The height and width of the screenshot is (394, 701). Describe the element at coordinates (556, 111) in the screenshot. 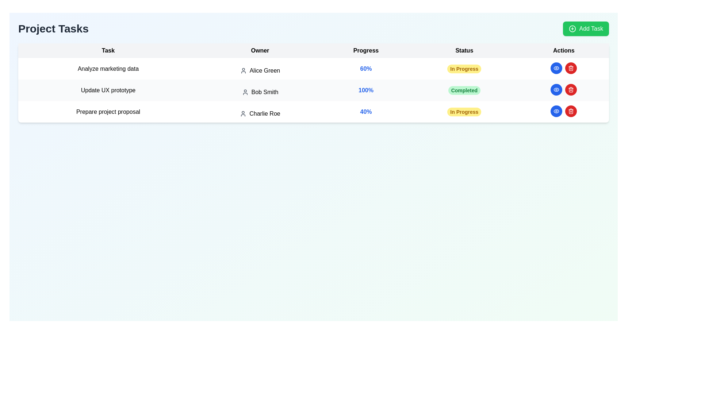

I see `the eye-shaped icon in the 'Actions' column of the task table for the 'Update UX prototype' row` at that location.